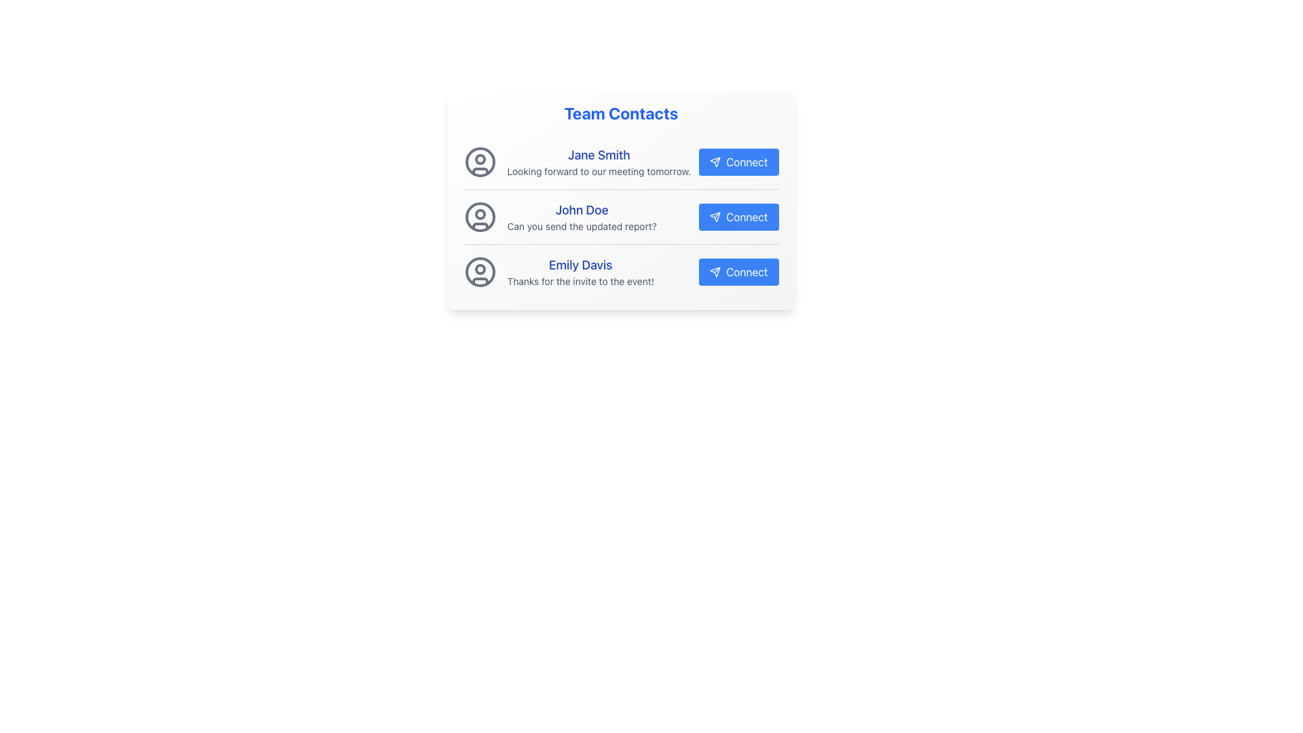 The height and width of the screenshot is (733, 1303). I want to click on the small curved line at the bottom center of the user profile icon representing Emily Davis, so click(480, 280).